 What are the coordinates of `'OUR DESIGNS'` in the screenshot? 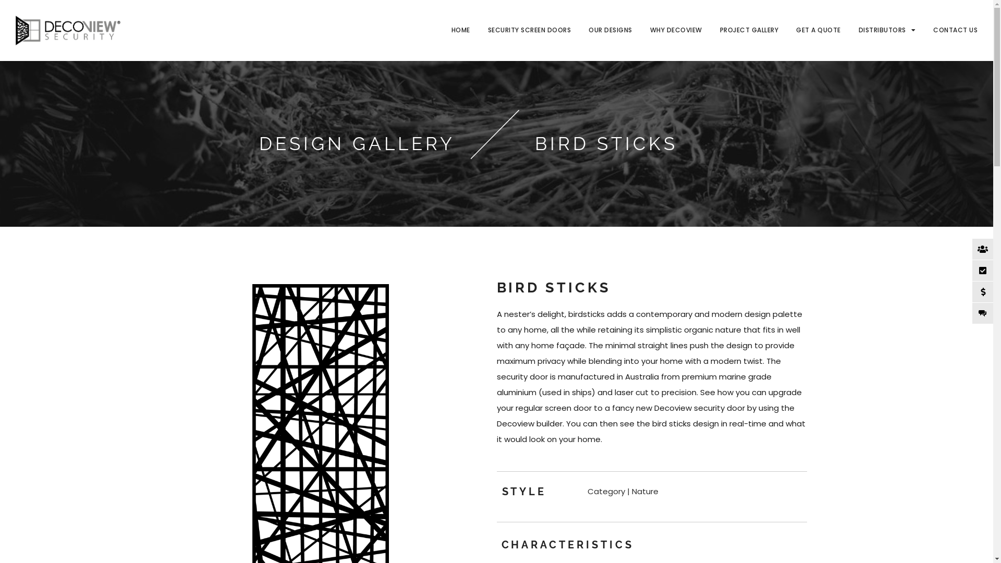 It's located at (611, 29).